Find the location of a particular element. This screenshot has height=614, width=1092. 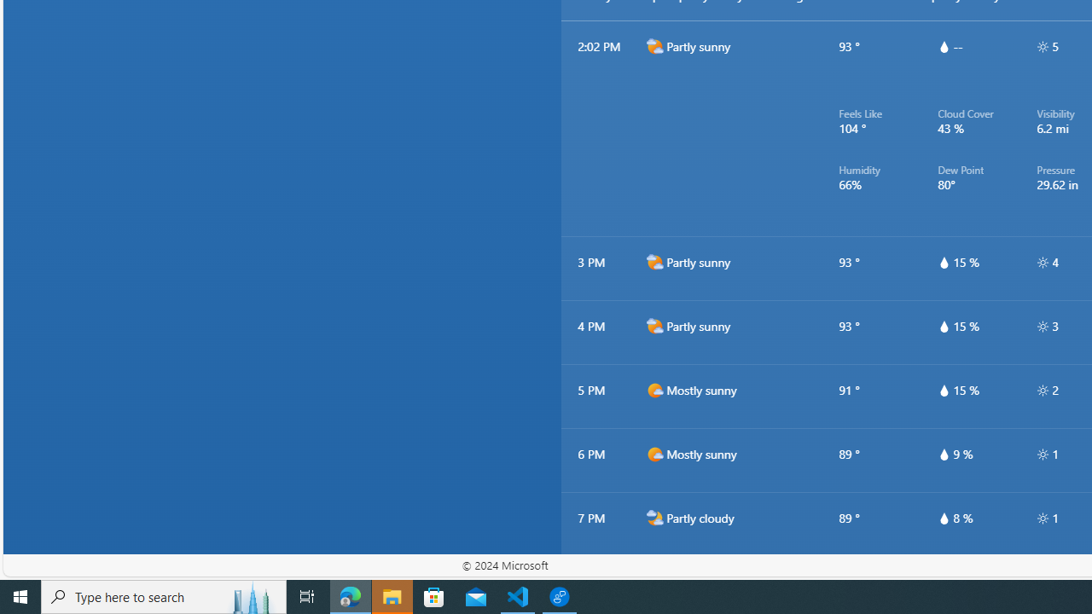

'd1000' is located at coordinates (653, 453).